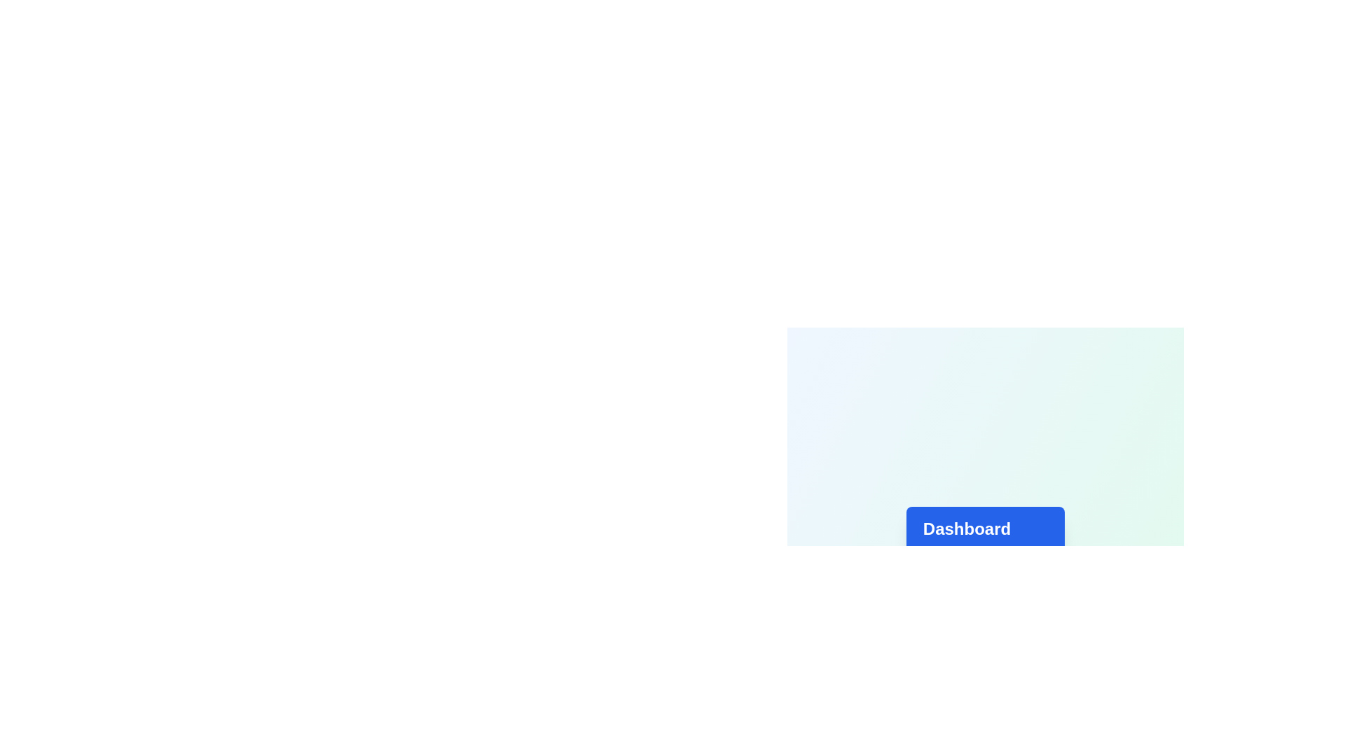  What do you see at coordinates (984, 529) in the screenshot?
I see `the 'Dashboard' header to inspect it` at bounding box center [984, 529].